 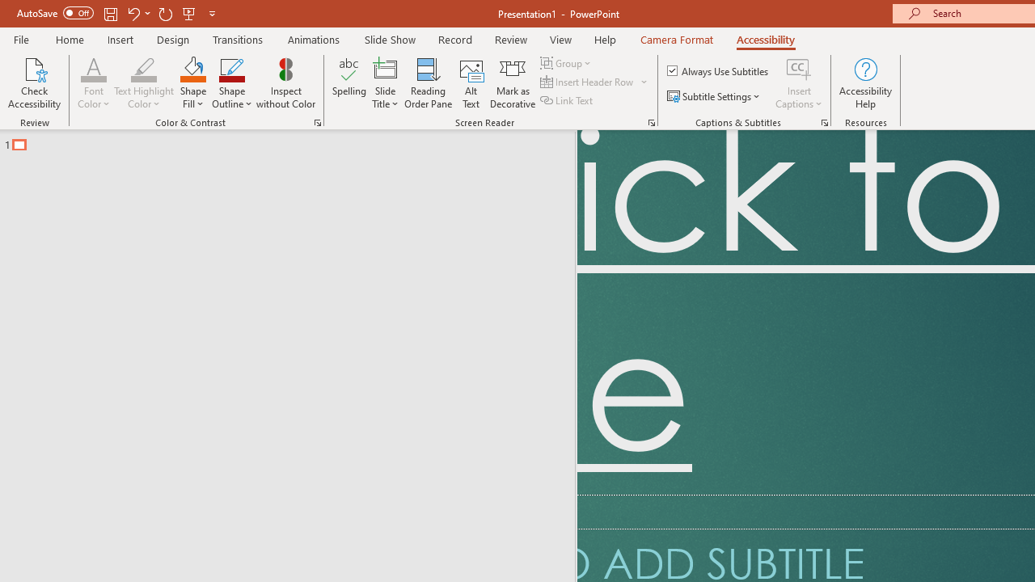 What do you see at coordinates (471, 83) in the screenshot?
I see `'Alt Text'` at bounding box center [471, 83].